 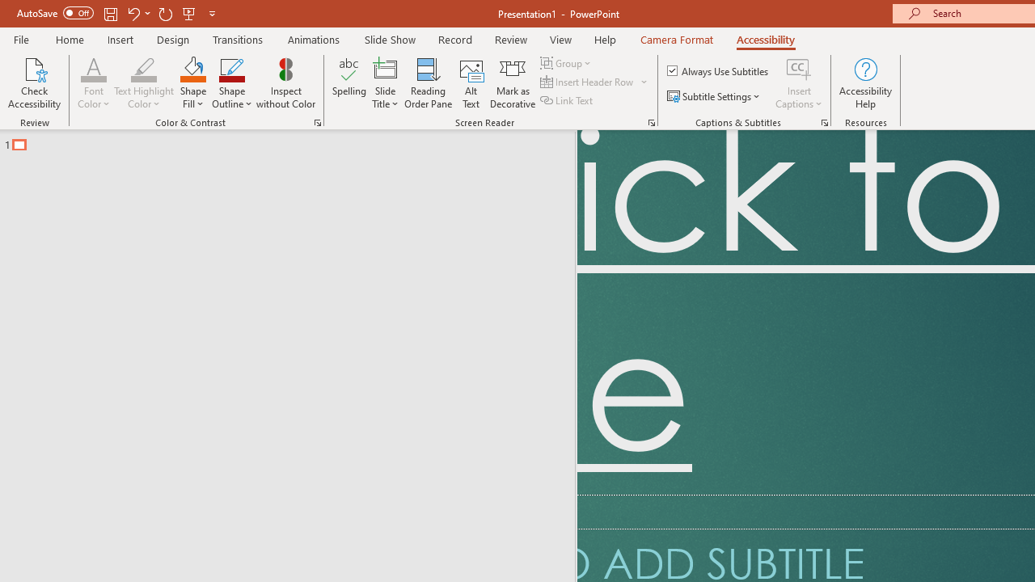 What do you see at coordinates (471, 83) in the screenshot?
I see `'Alt Text'` at bounding box center [471, 83].